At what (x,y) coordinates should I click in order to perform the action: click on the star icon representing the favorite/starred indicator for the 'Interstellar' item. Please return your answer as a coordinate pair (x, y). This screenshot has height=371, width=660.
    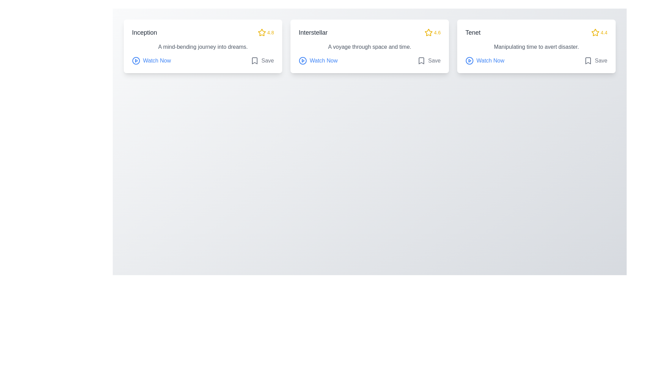
    Looking at the image, I should click on (428, 33).